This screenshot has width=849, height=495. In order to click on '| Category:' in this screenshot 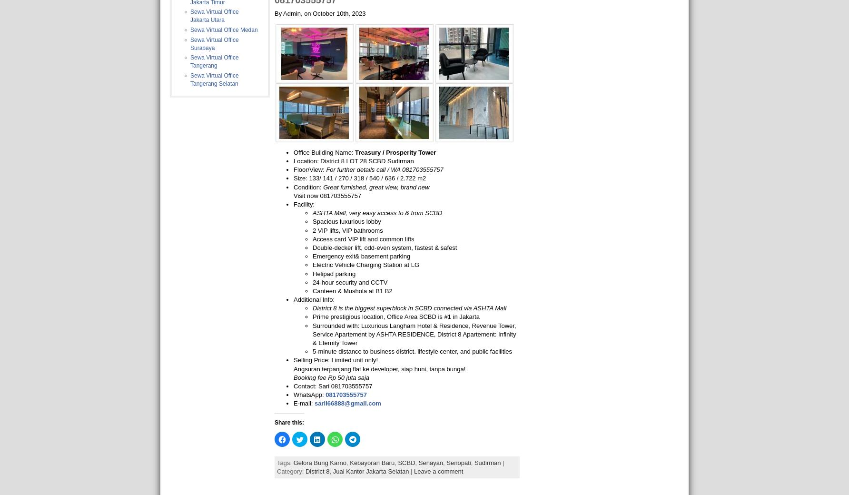, I will do `click(390, 466)`.